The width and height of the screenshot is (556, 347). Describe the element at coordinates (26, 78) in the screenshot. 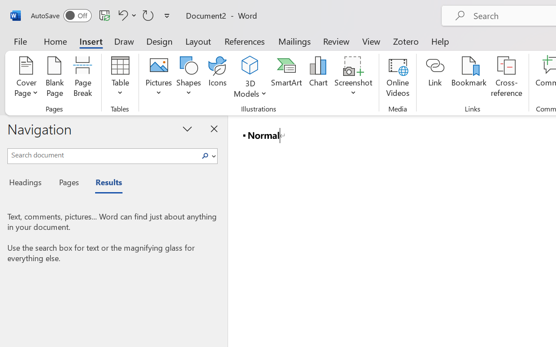

I see `'Cover Page'` at that location.